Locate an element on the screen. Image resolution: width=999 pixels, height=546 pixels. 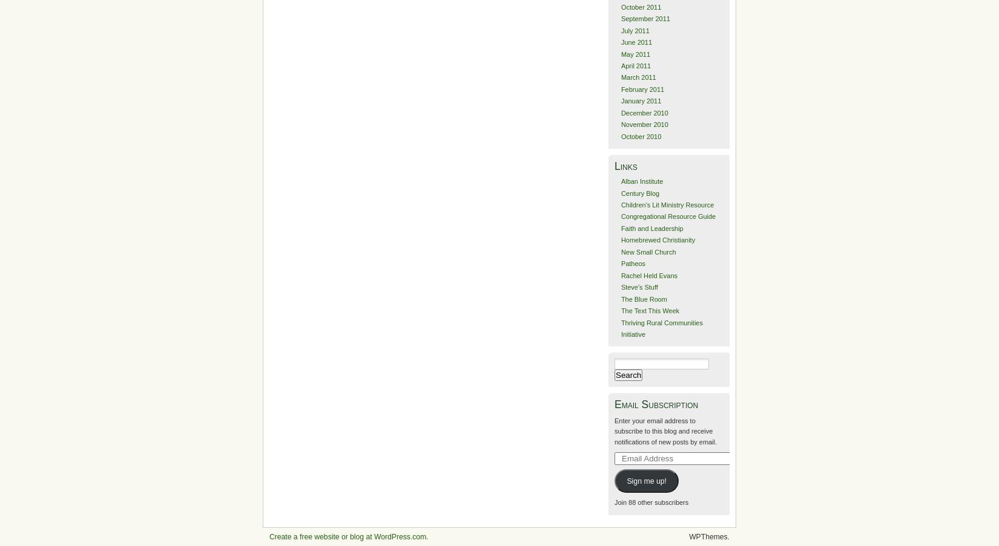
'October 2011' is located at coordinates (641, 6).